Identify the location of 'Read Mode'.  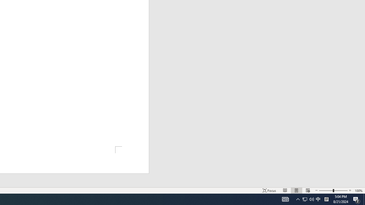
(285, 190).